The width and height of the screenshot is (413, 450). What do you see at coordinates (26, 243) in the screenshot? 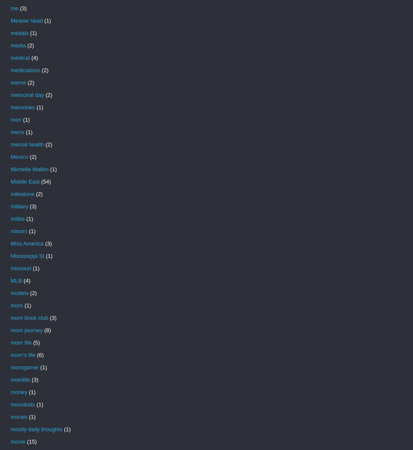
I see `'Miss America'` at bounding box center [26, 243].